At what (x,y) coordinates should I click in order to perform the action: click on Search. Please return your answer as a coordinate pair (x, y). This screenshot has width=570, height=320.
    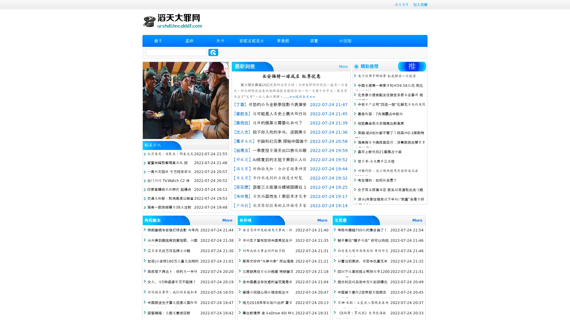
    Looking at the image, I should click on (213, 52).